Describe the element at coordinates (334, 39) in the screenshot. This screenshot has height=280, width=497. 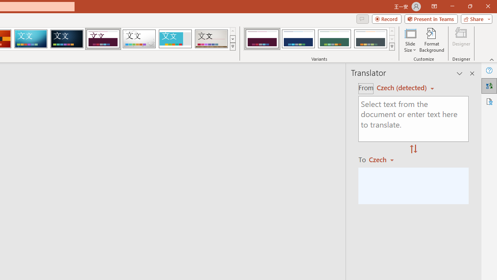
I see `'Dividend Variant 3'` at that location.